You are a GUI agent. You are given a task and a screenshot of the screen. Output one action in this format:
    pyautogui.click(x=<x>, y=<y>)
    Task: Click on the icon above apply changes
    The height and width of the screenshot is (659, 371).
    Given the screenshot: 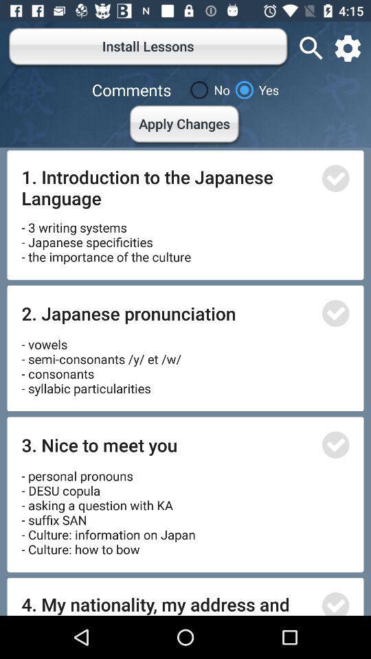 What is the action you would take?
    pyautogui.click(x=207, y=89)
    